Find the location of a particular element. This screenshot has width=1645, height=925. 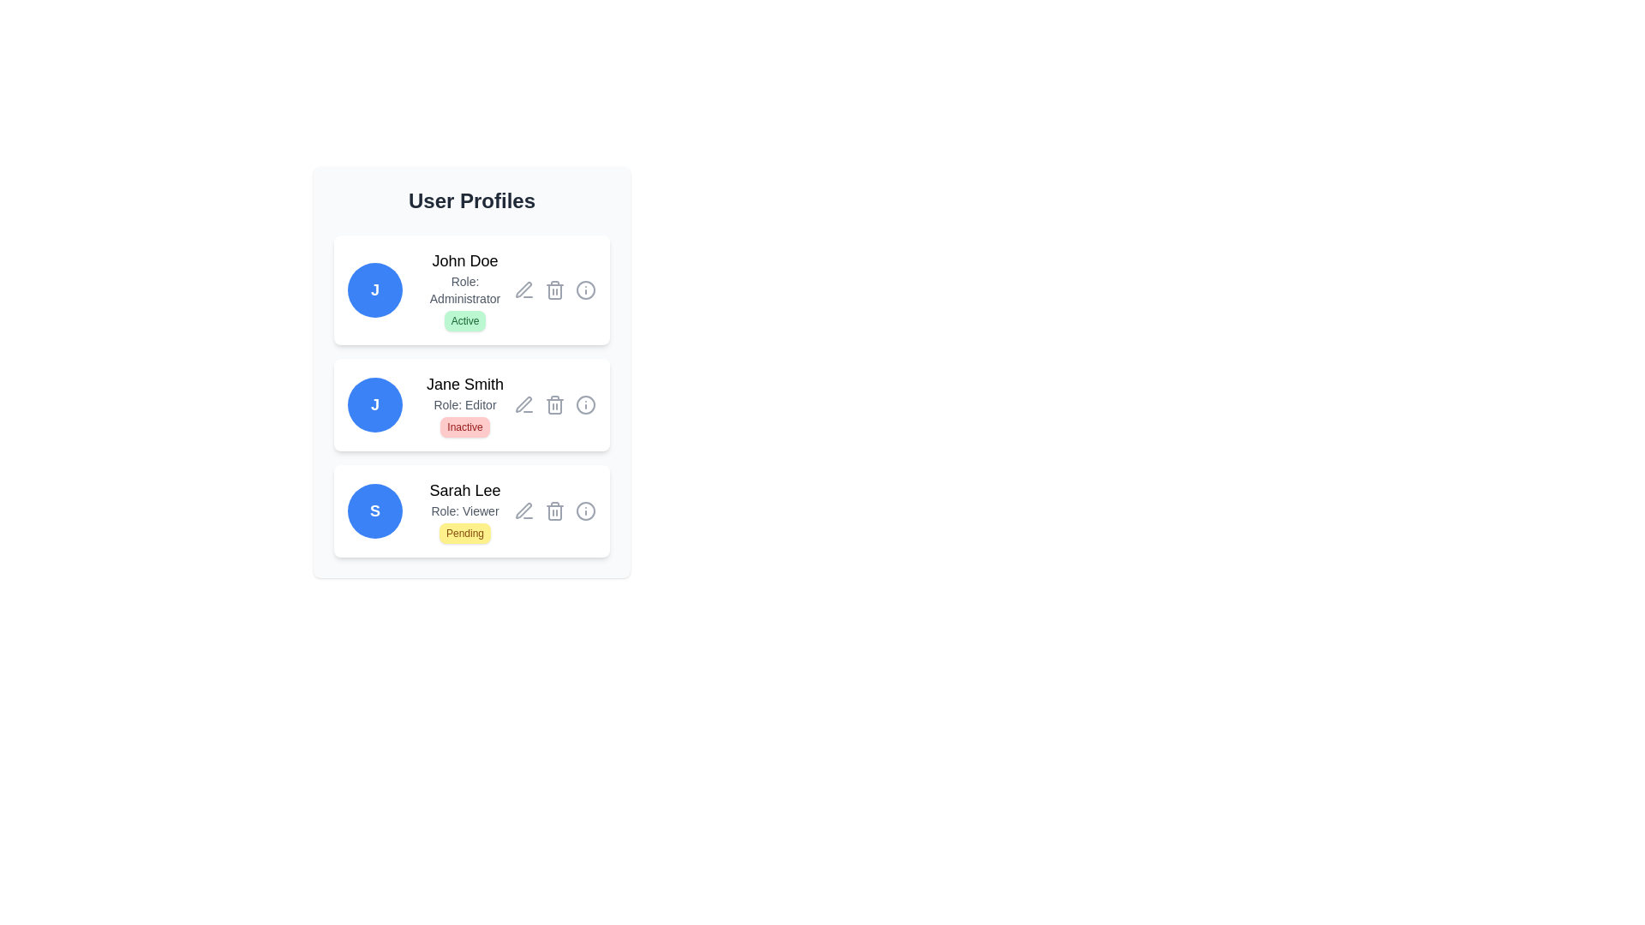

status text displayed in the label indicating that the user is active, located at the bottom of the user details section beneath 'Role: Administrator' is located at coordinates (464, 320).